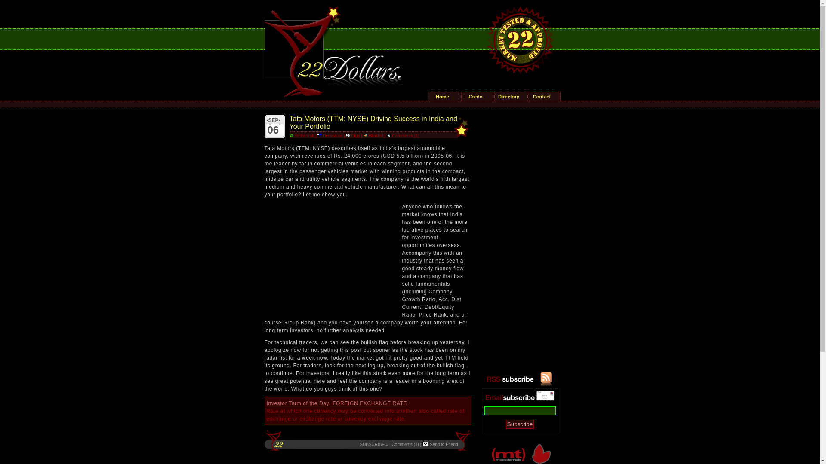  I want to click on 'Home', so click(428, 96).